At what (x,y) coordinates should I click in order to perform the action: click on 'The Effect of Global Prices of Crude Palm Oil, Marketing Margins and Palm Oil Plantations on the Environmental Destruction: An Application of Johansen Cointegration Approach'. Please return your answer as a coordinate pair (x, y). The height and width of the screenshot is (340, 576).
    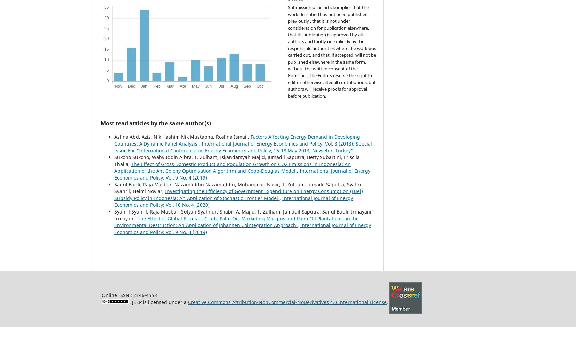
    Looking at the image, I should click on (237, 222).